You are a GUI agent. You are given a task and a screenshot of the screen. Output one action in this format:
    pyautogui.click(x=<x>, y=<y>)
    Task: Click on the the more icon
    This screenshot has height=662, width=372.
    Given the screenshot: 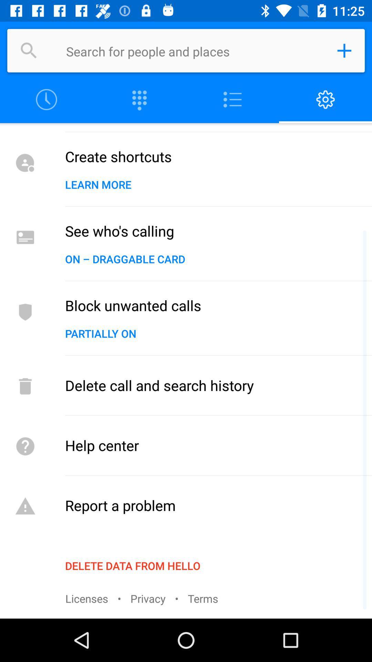 What is the action you would take?
    pyautogui.click(x=139, y=99)
    